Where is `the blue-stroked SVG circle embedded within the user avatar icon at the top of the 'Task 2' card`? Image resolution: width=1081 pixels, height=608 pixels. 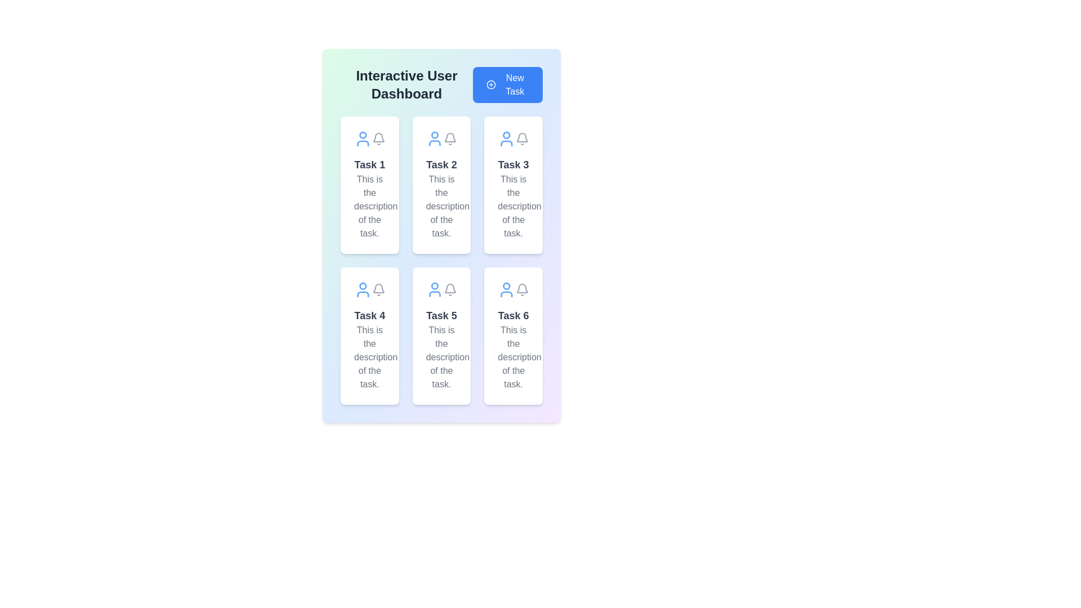
the blue-stroked SVG circle embedded within the user avatar icon at the top of the 'Task 2' card is located at coordinates (434, 135).